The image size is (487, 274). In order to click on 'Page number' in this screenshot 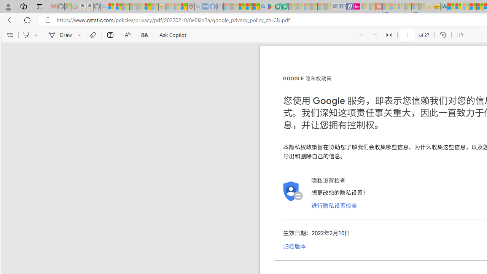, I will do `click(407, 35)`.